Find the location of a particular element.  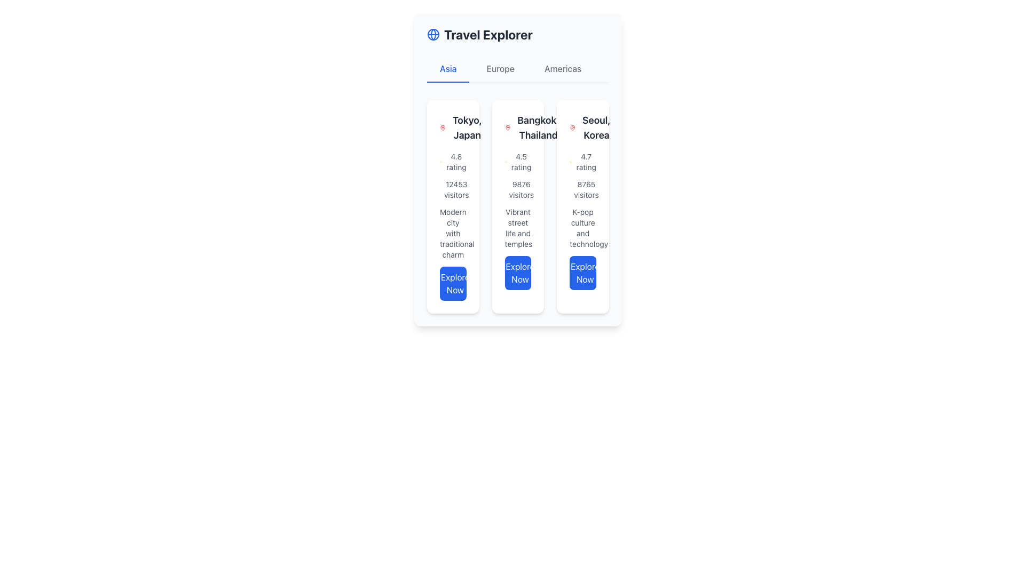

the 'Europe' tab in the horizontal navigation bar to change its text appearance is located at coordinates (500, 69).